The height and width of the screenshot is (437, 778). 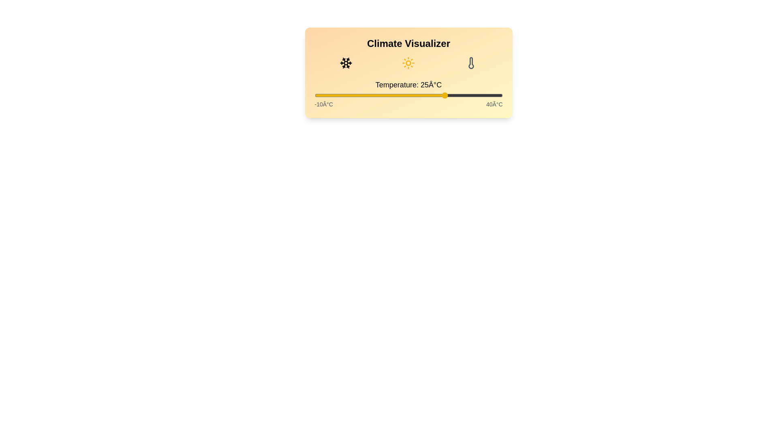 I want to click on the temperature slider to 39°C, so click(x=498, y=95).